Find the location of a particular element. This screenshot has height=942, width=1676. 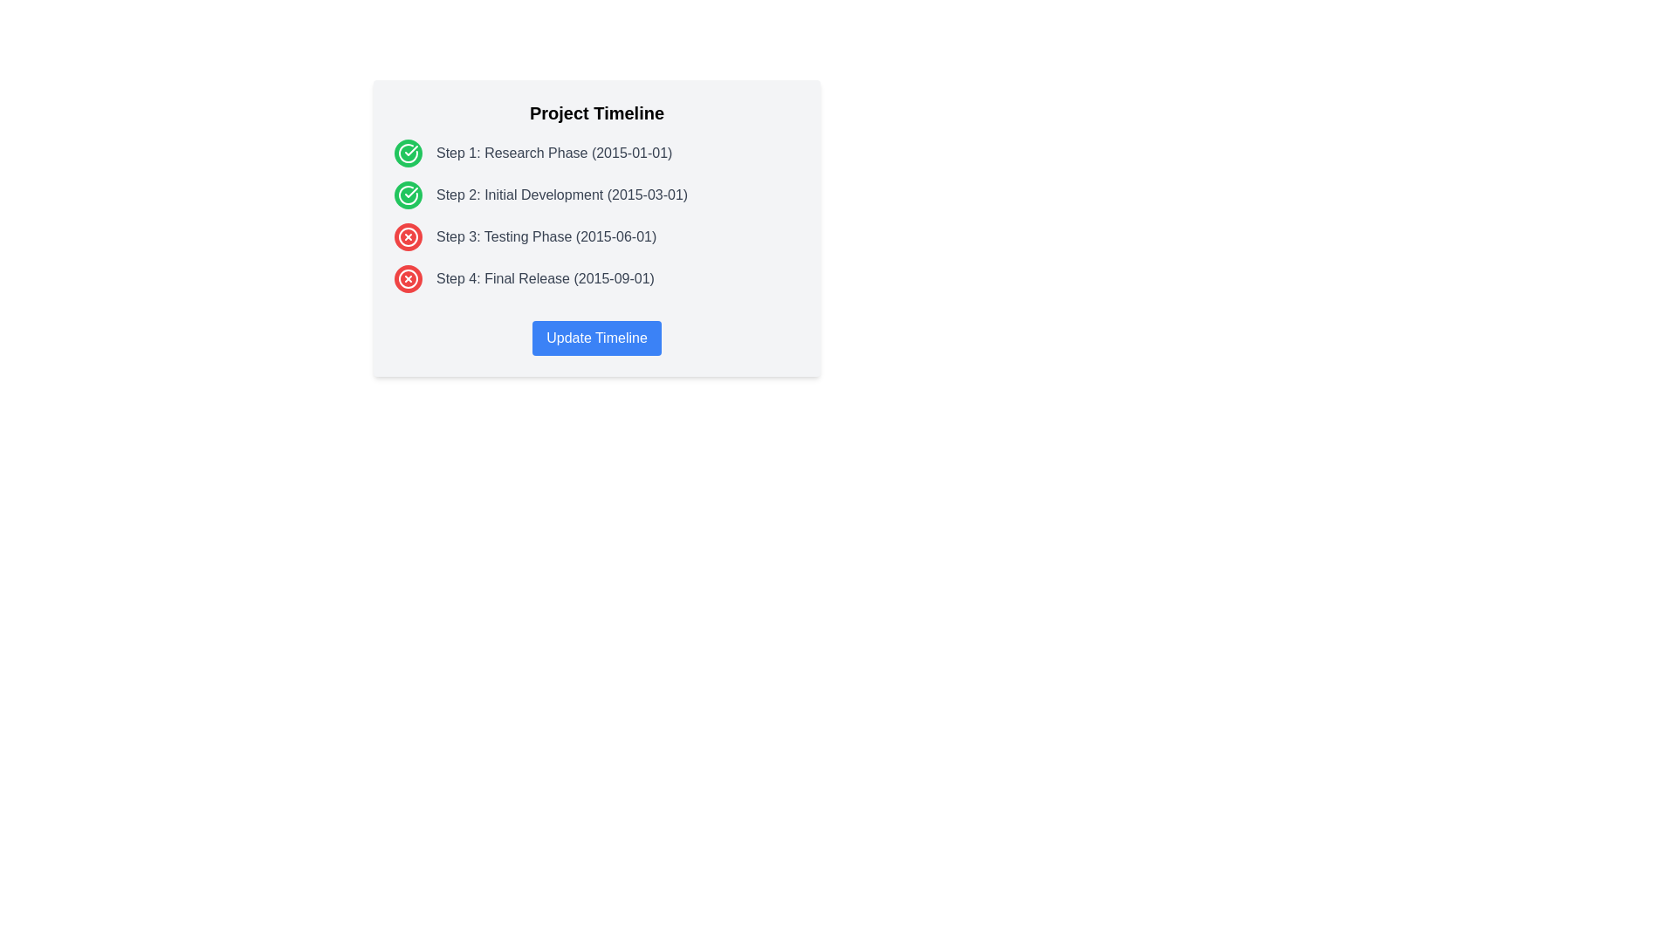

the 'Step 4: Final Release' status icon, which indicates a failed or incomplete status in the timeline is located at coordinates (407, 278).